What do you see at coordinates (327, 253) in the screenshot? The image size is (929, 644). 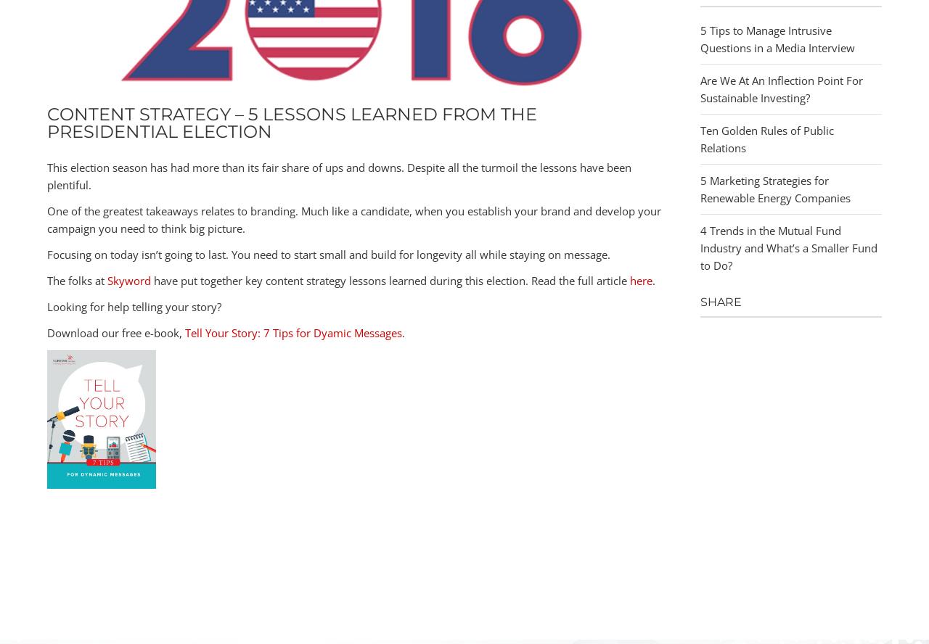 I see `'Focusing on today isn’t going to last. You need to start small and build for longevity all while staying on message.'` at bounding box center [327, 253].